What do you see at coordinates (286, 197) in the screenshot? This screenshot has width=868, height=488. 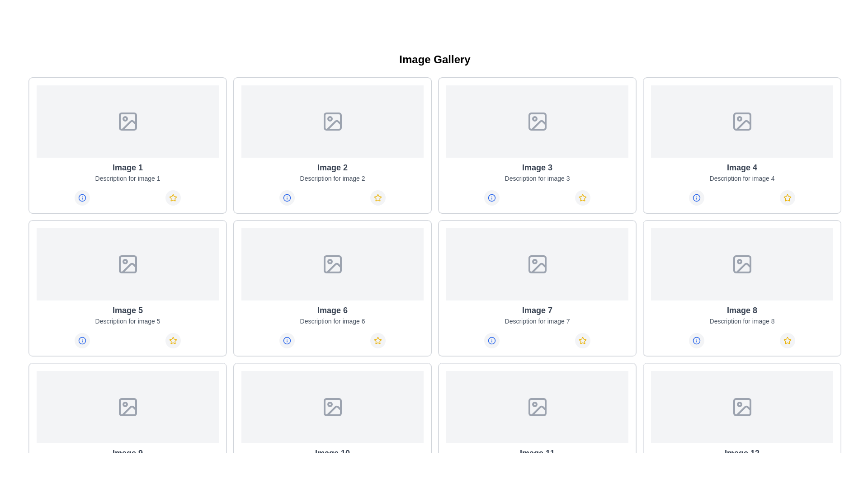 I see `the circular information icon with a blue border and white background, located in the second tile of the top row in the gallery grid, under the image and its description` at bounding box center [286, 197].